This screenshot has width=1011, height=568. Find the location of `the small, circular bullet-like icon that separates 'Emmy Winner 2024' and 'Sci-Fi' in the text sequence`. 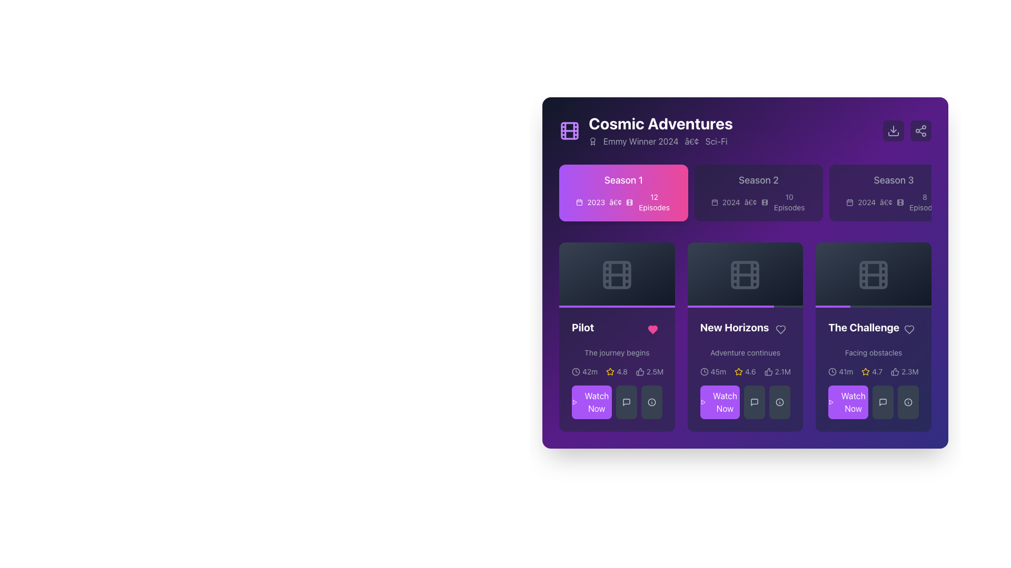

the small, circular bullet-like icon that separates 'Emmy Winner 2024' and 'Sci-Fi' in the text sequence is located at coordinates (692, 141).